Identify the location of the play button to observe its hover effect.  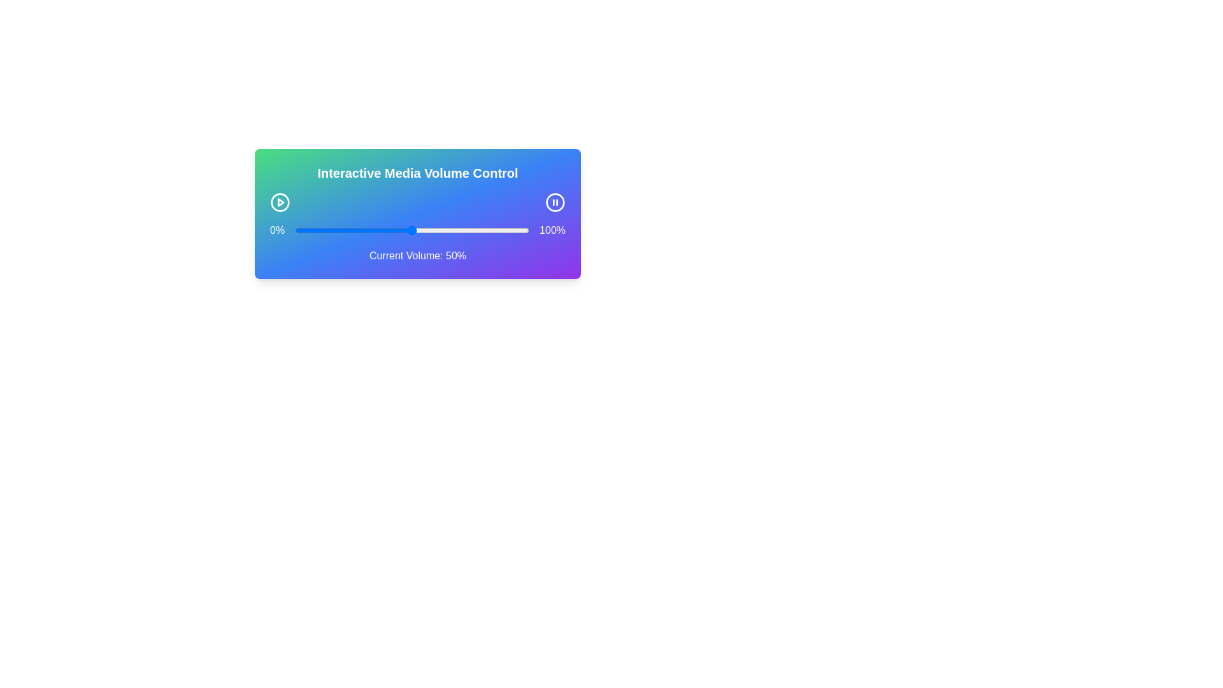
(280, 201).